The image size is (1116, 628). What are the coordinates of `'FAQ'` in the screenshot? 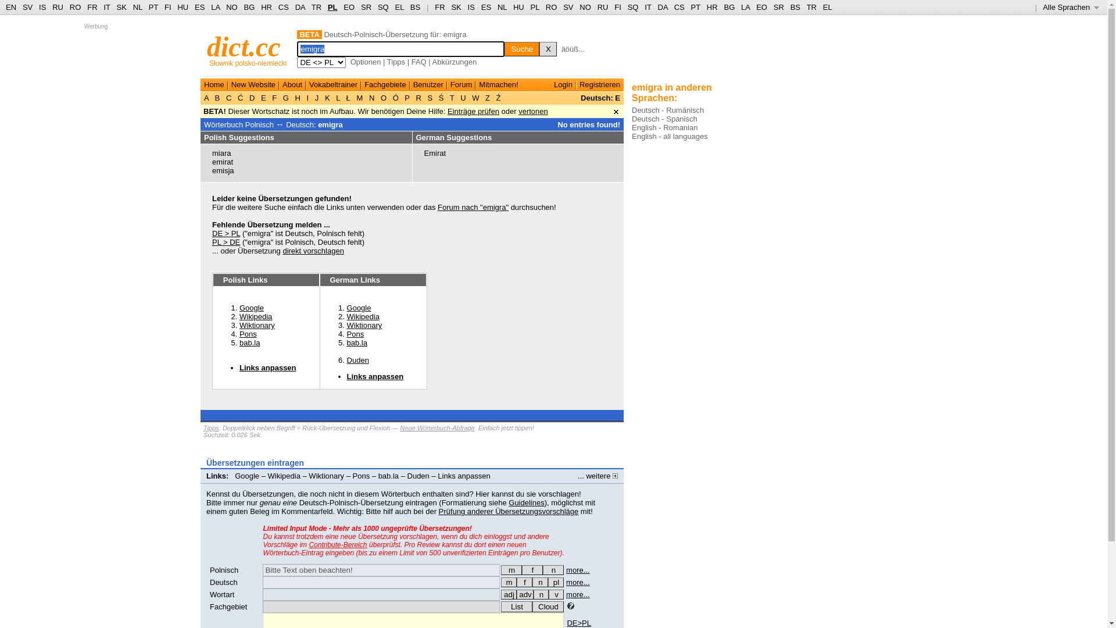 It's located at (419, 62).